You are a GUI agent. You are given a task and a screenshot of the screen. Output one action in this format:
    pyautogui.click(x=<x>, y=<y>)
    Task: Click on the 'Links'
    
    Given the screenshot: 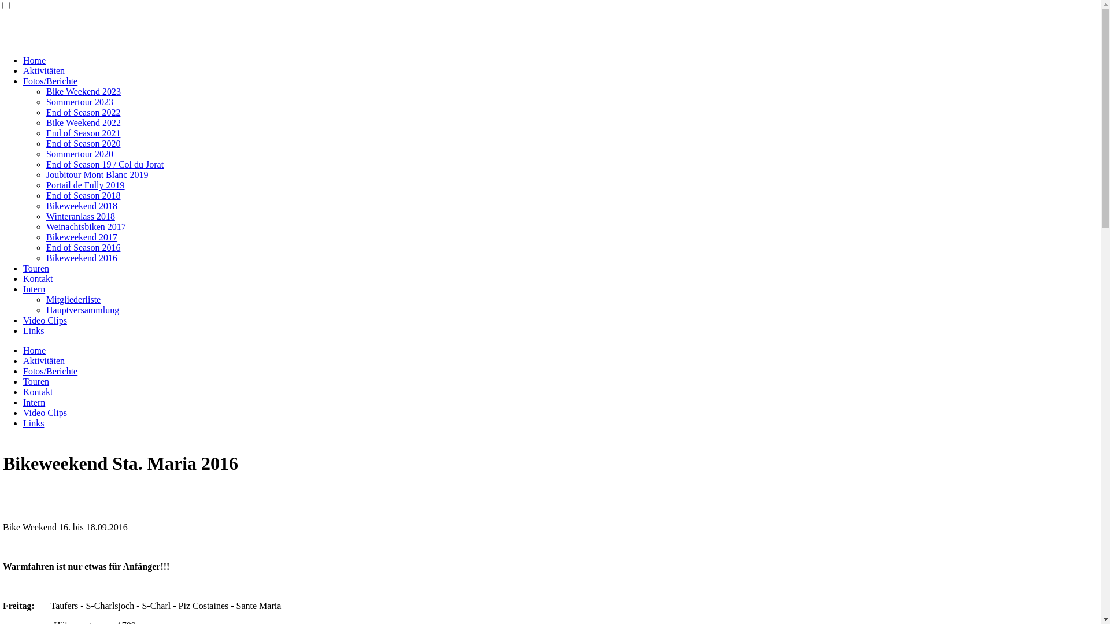 What is the action you would take?
    pyautogui.click(x=33, y=423)
    